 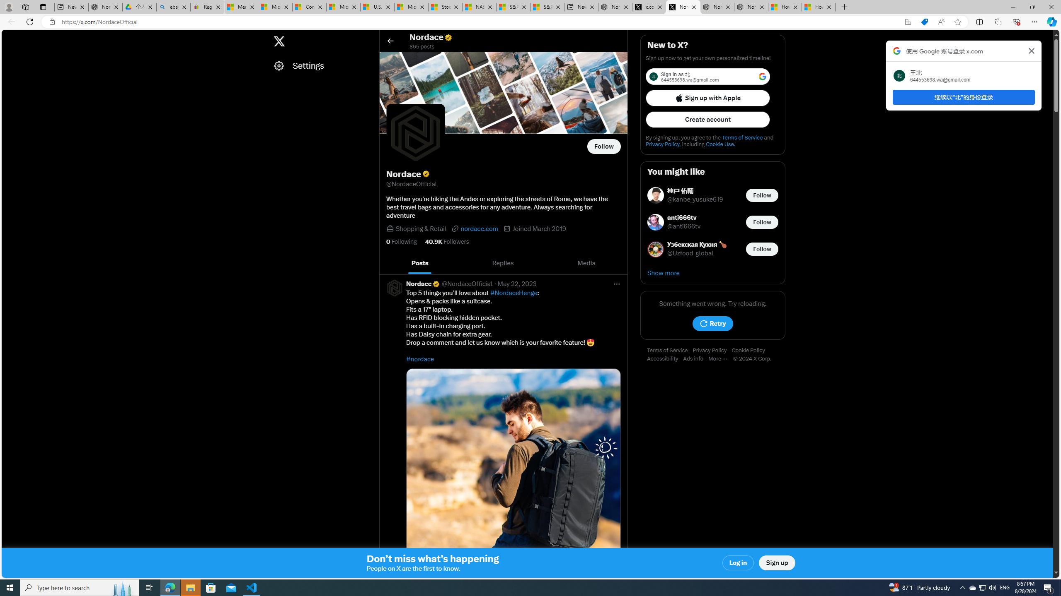 I want to click on 'Provides details about verified accounts.', so click(x=425, y=174).